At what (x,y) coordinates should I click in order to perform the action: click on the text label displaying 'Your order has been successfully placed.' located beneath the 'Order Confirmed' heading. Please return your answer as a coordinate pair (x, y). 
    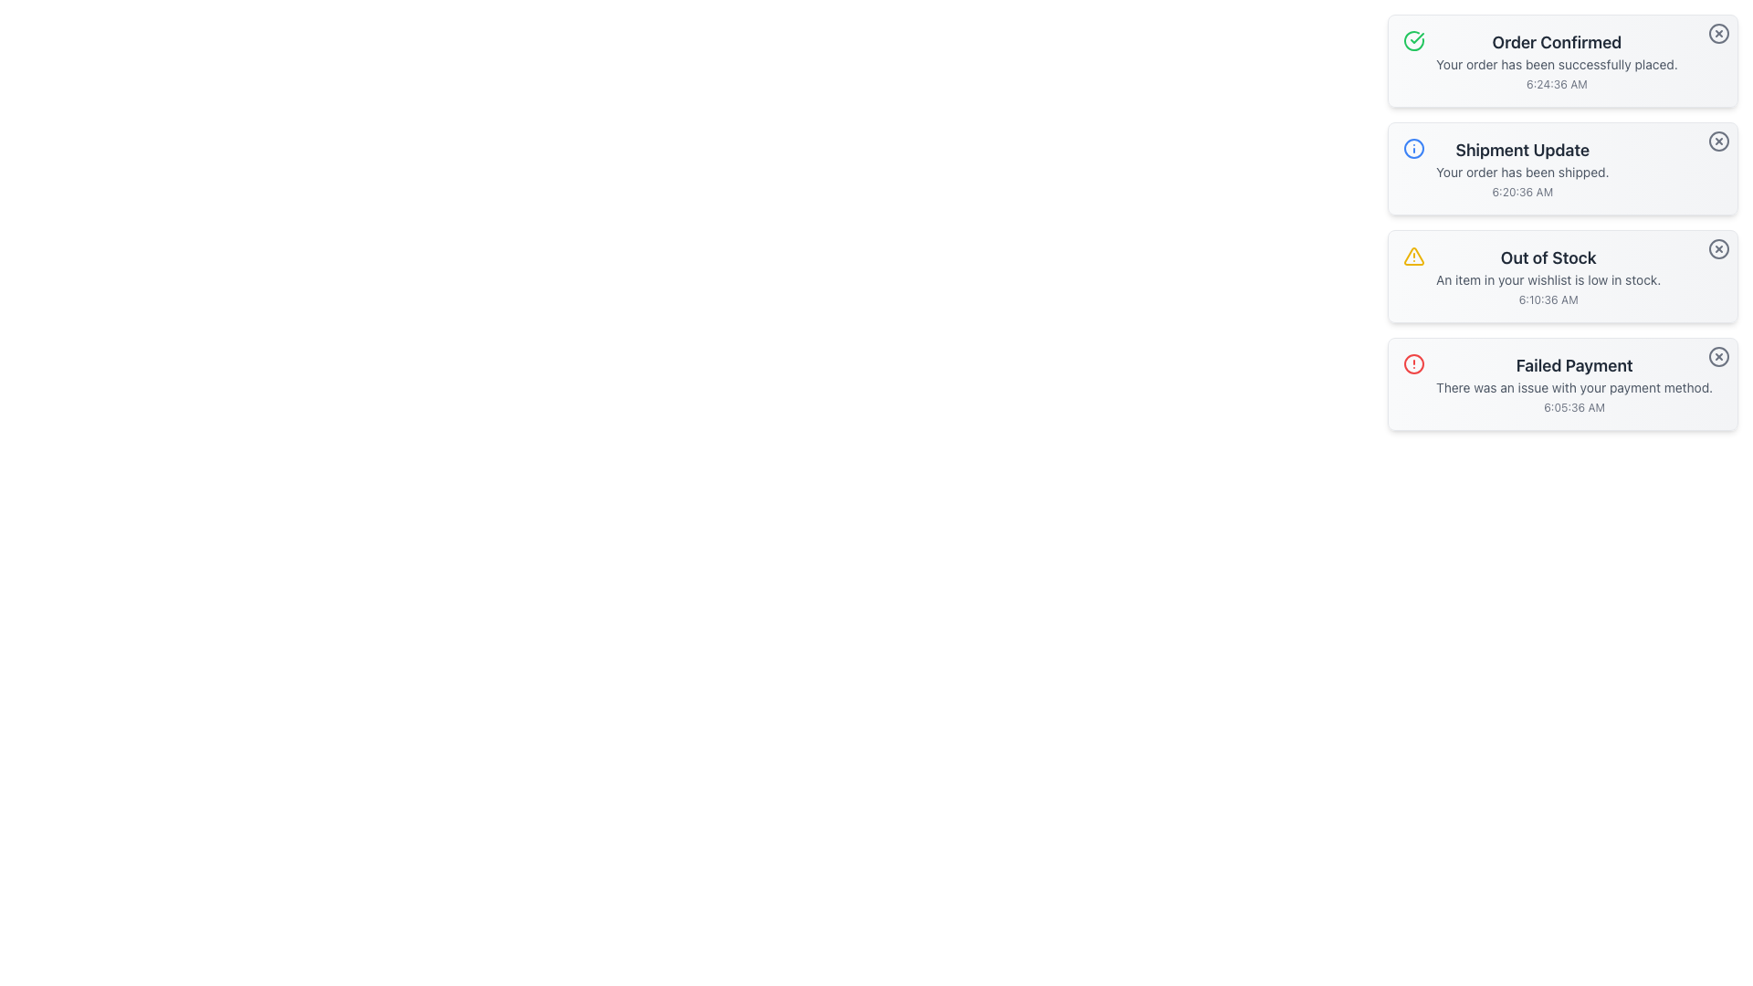
    Looking at the image, I should click on (1556, 63).